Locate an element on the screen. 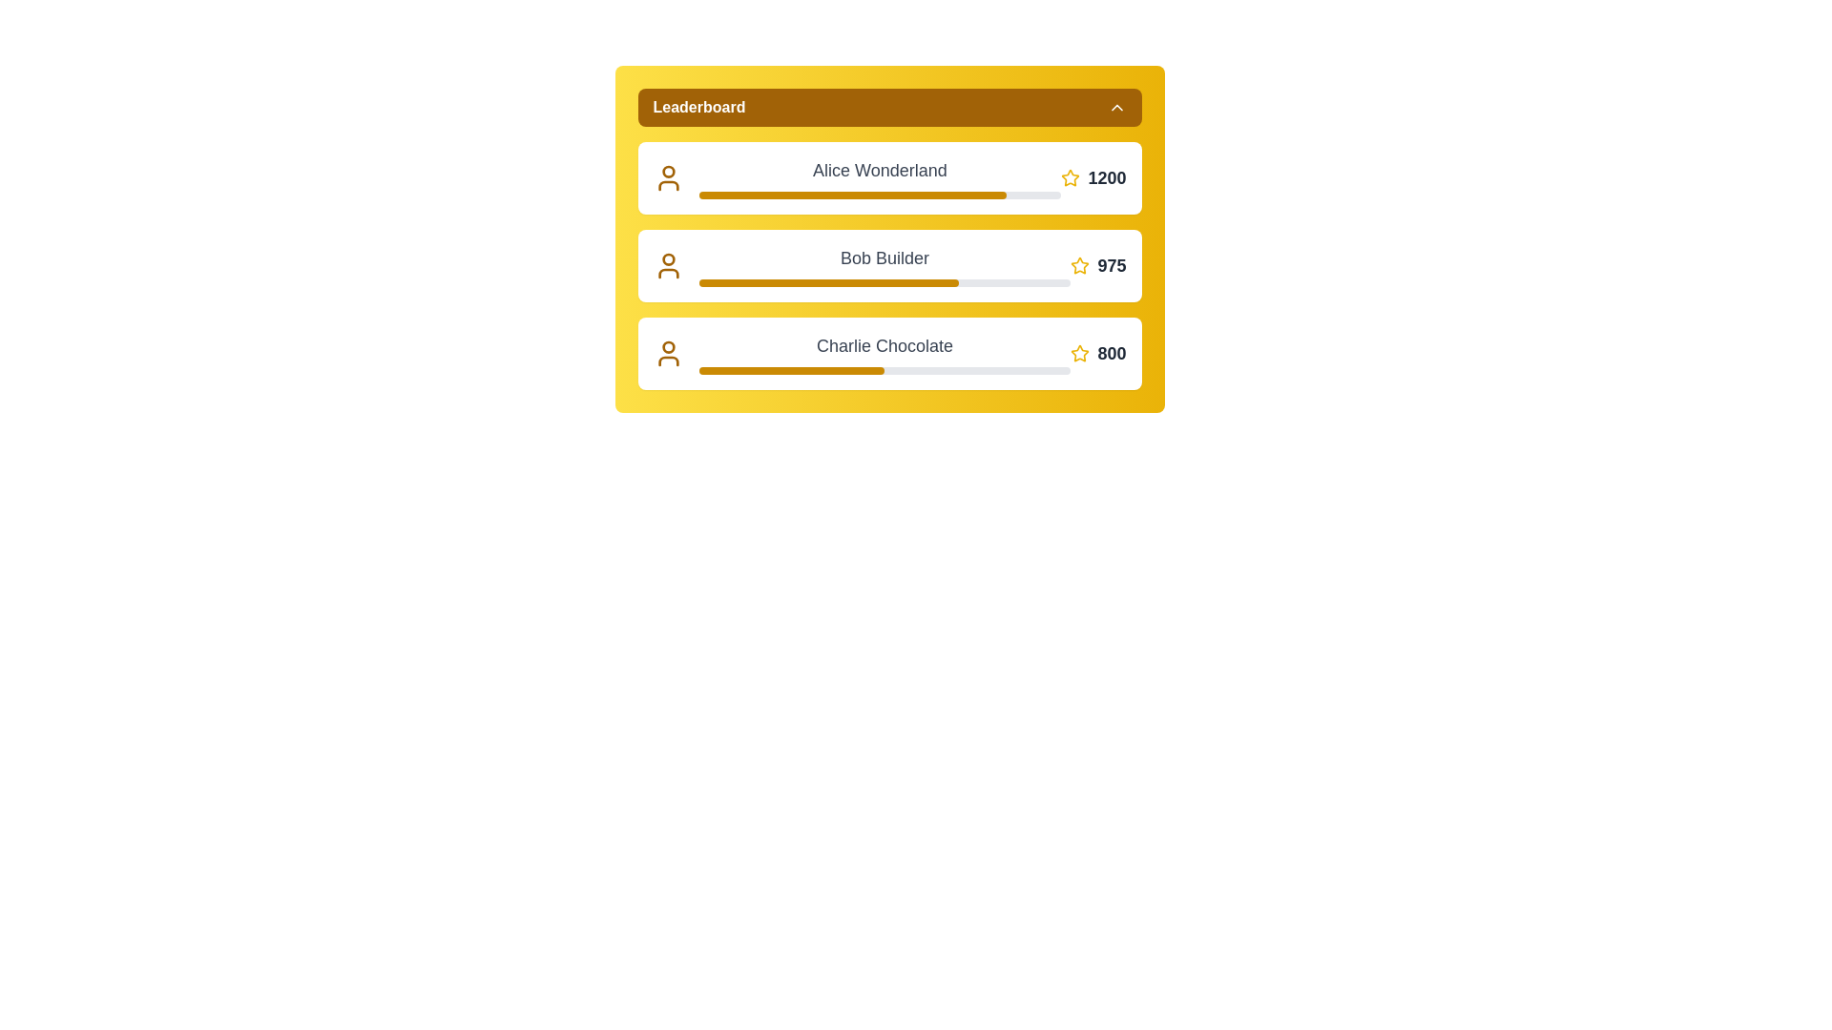 This screenshot has height=1030, width=1832. the lower portion of the user icon representing a semi-circular body shape with rounded edges, which is part of the leaderboard interface and located to the left of 'Alice Wonderland' is located at coordinates (668, 186).